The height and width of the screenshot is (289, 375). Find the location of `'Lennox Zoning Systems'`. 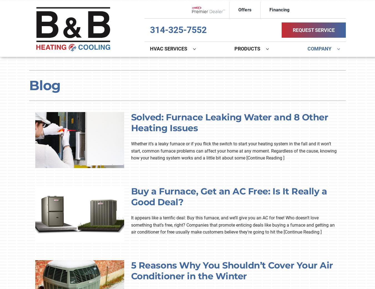

'Lennox Zoning Systems' is located at coordinates (269, 89).